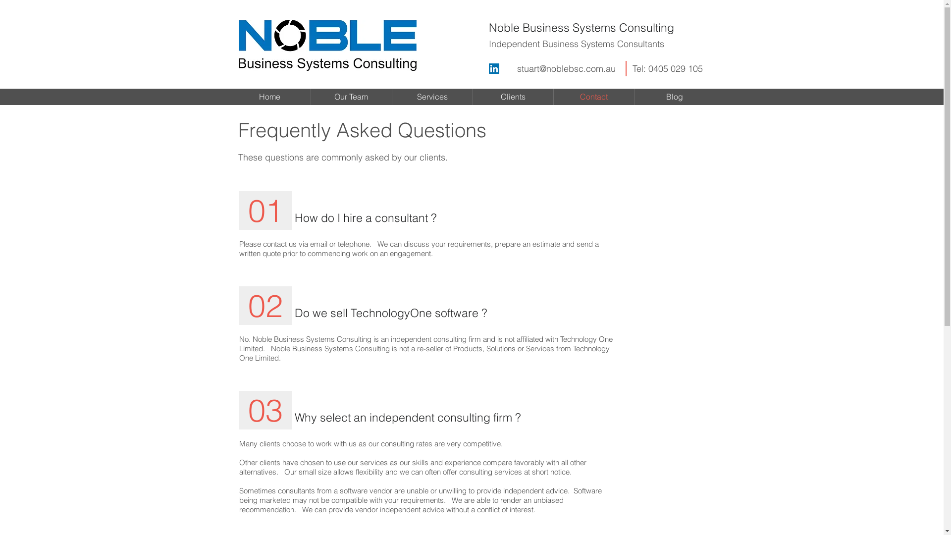 This screenshot has height=535, width=951. I want to click on 'Services', so click(432, 97).